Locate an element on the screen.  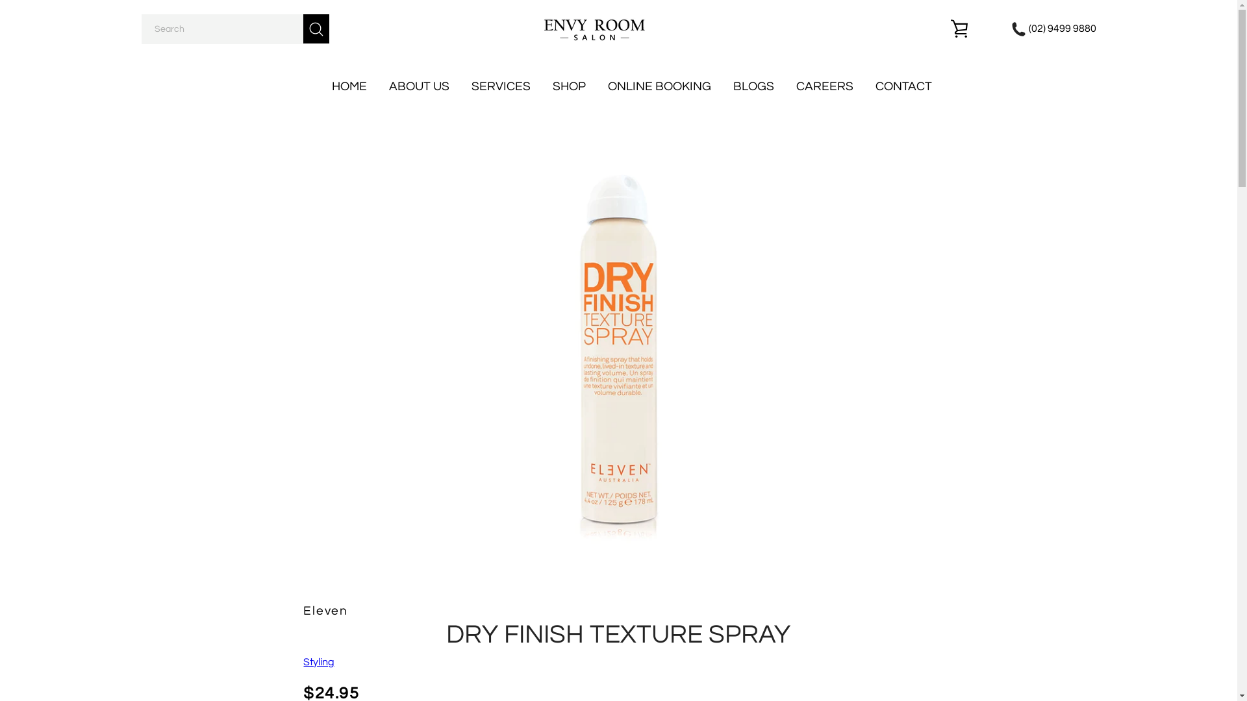
'ONLINE BOOKING is located at coordinates (659, 86).